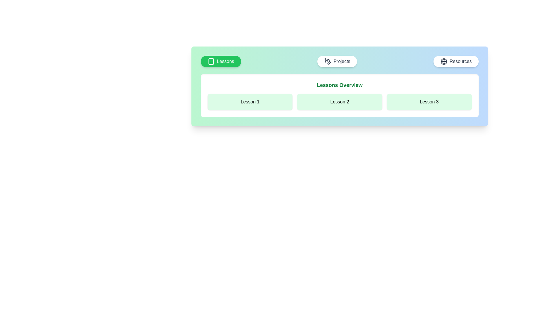  I want to click on the navigational button labeled 'Resources' at the far right of the horizontal menu, so click(456, 61).